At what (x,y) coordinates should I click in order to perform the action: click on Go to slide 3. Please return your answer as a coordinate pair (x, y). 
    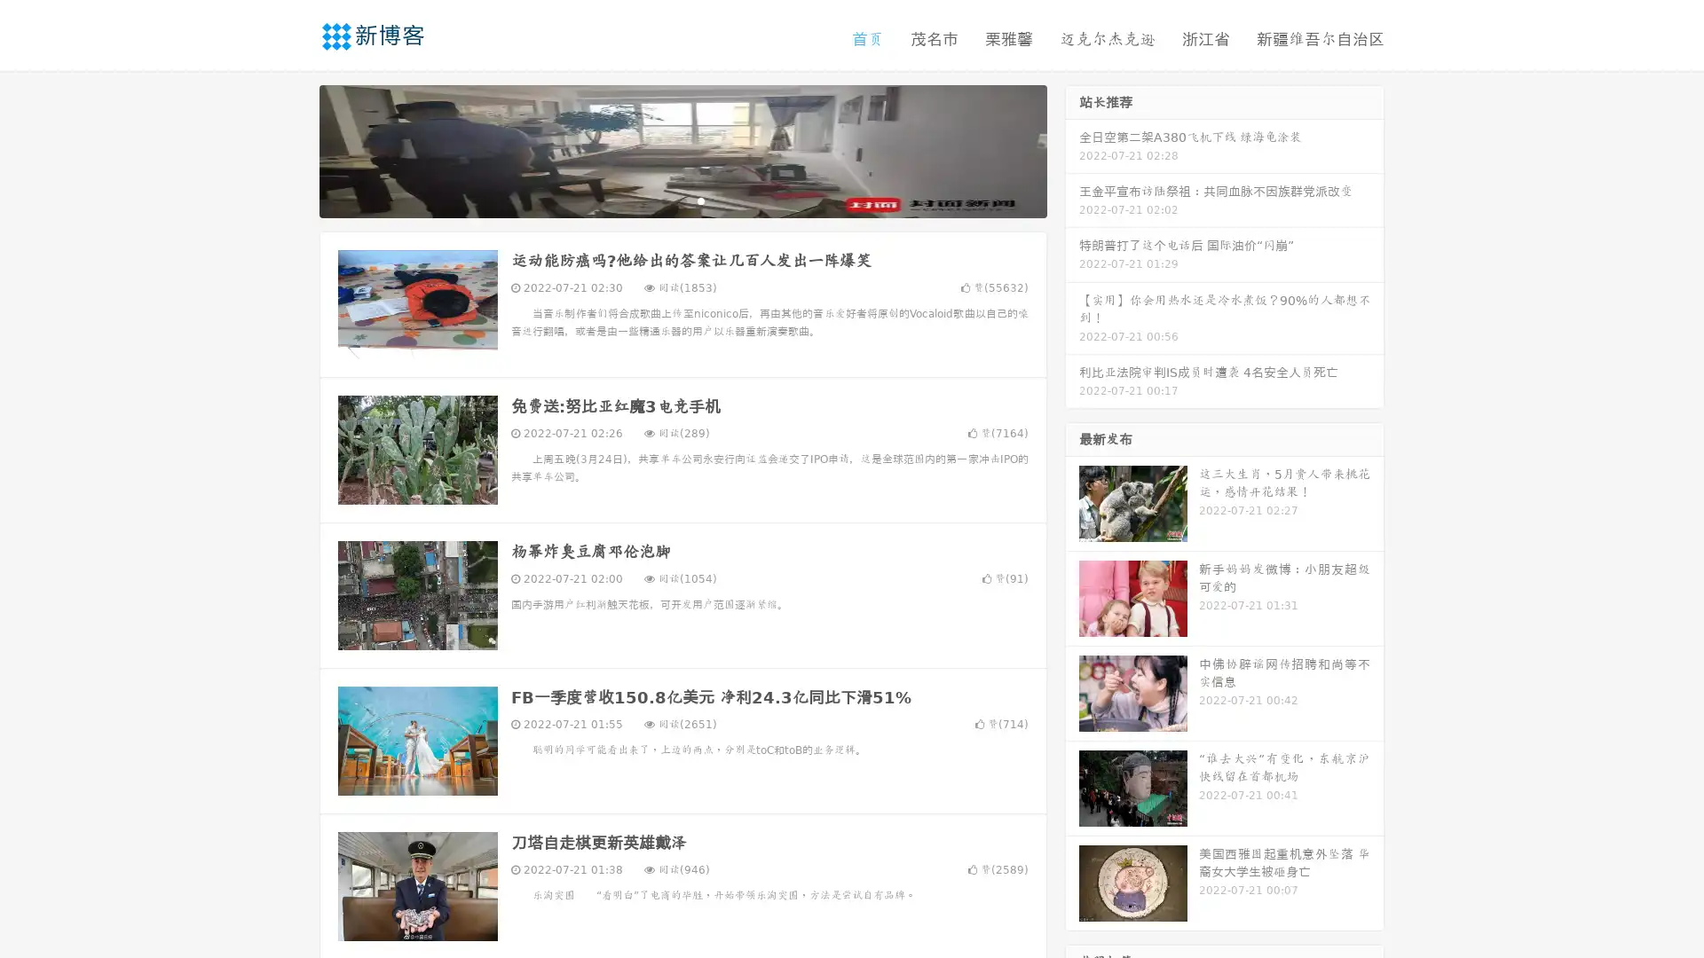
    Looking at the image, I should click on (700, 200).